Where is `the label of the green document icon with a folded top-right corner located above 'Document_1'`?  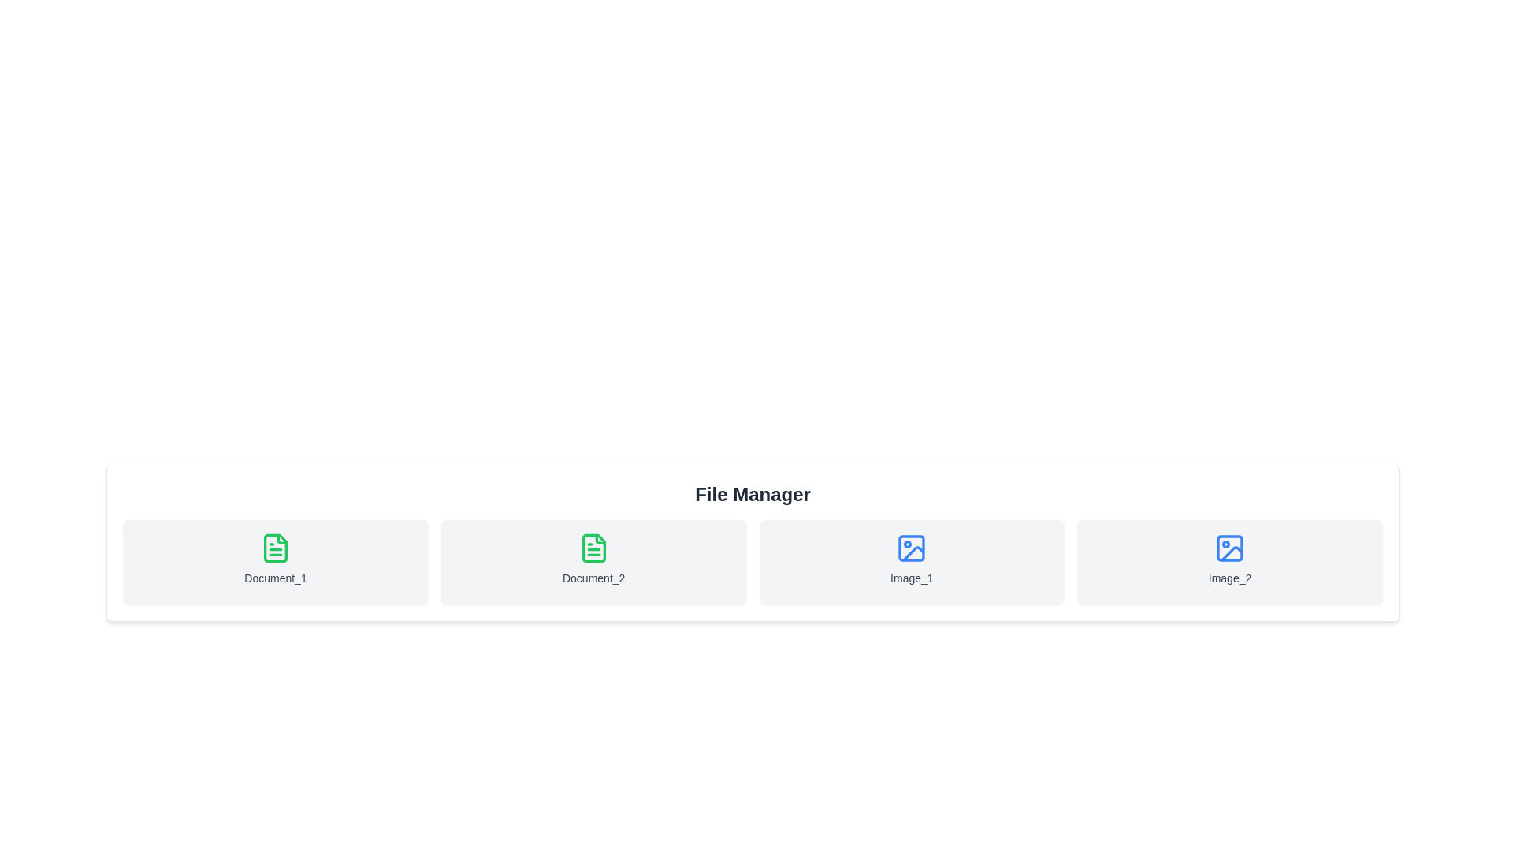
the label of the green document icon with a folded top-right corner located above 'Document_1' is located at coordinates (276, 547).